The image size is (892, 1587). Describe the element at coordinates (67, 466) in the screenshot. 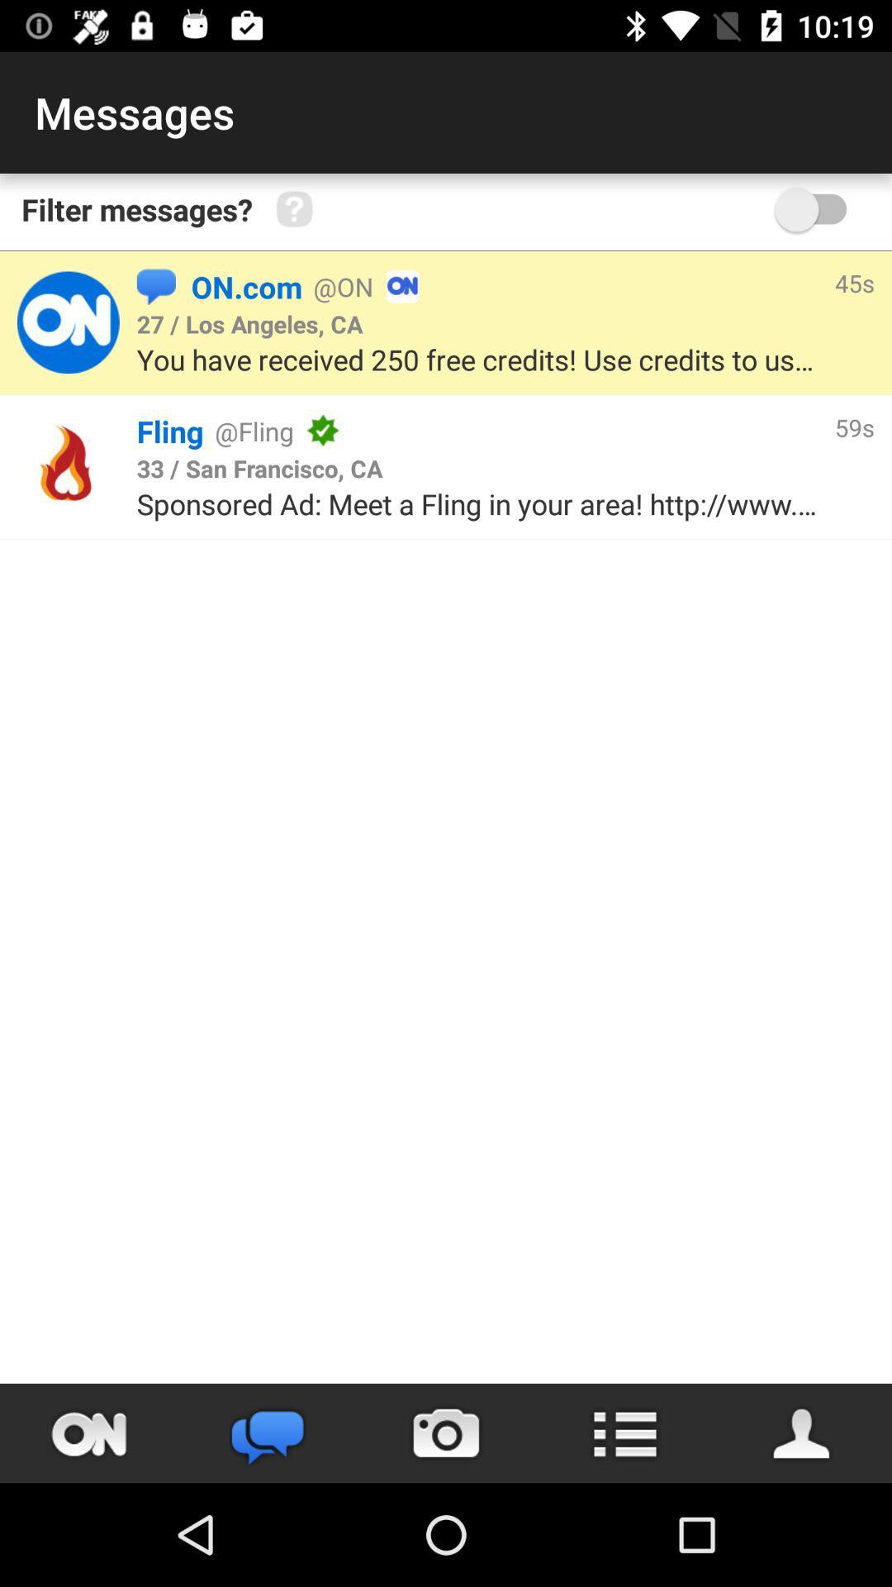

I see `website icon` at that location.